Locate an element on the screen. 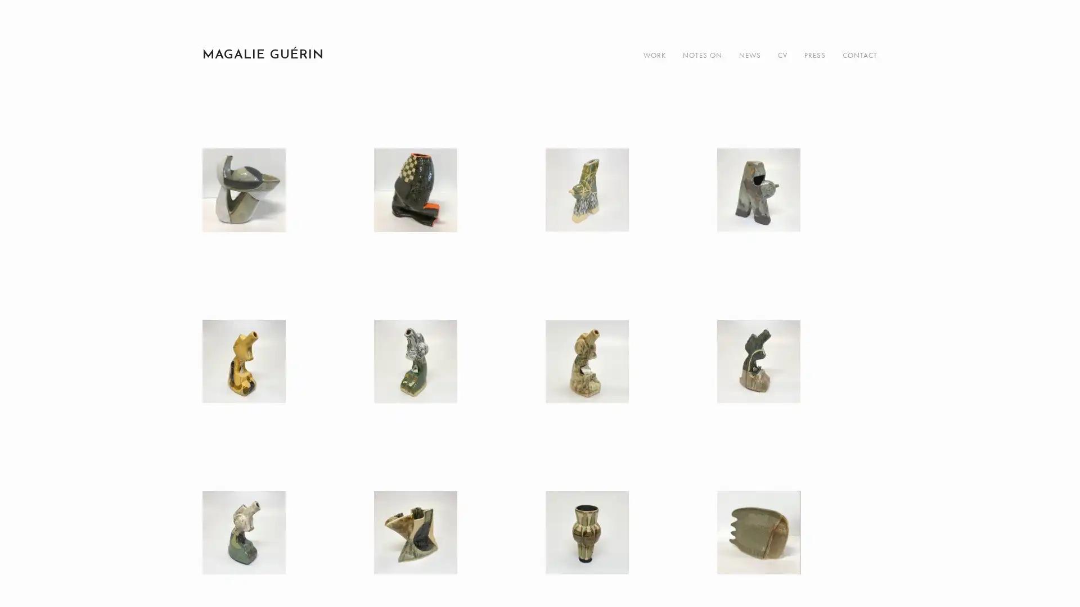 This screenshot has height=607, width=1080. View fullsize IMG_7742.jpg is located at coordinates (454, 399).